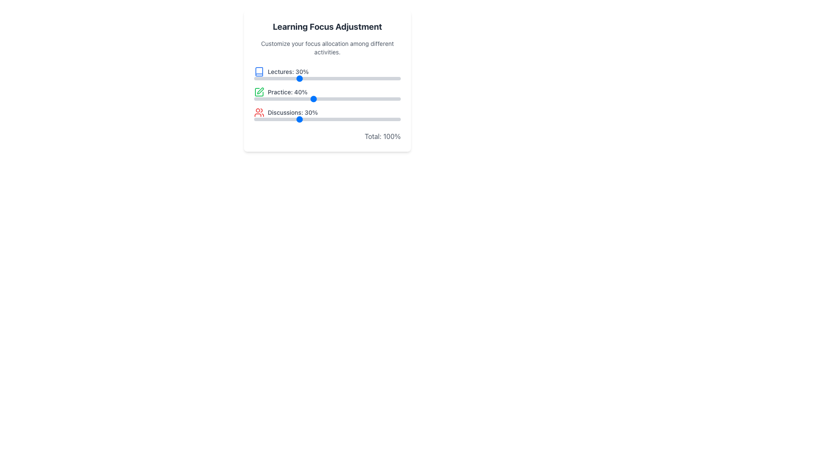 The width and height of the screenshot is (816, 459). What do you see at coordinates (297, 79) in the screenshot?
I see `the slider` at bounding box center [297, 79].